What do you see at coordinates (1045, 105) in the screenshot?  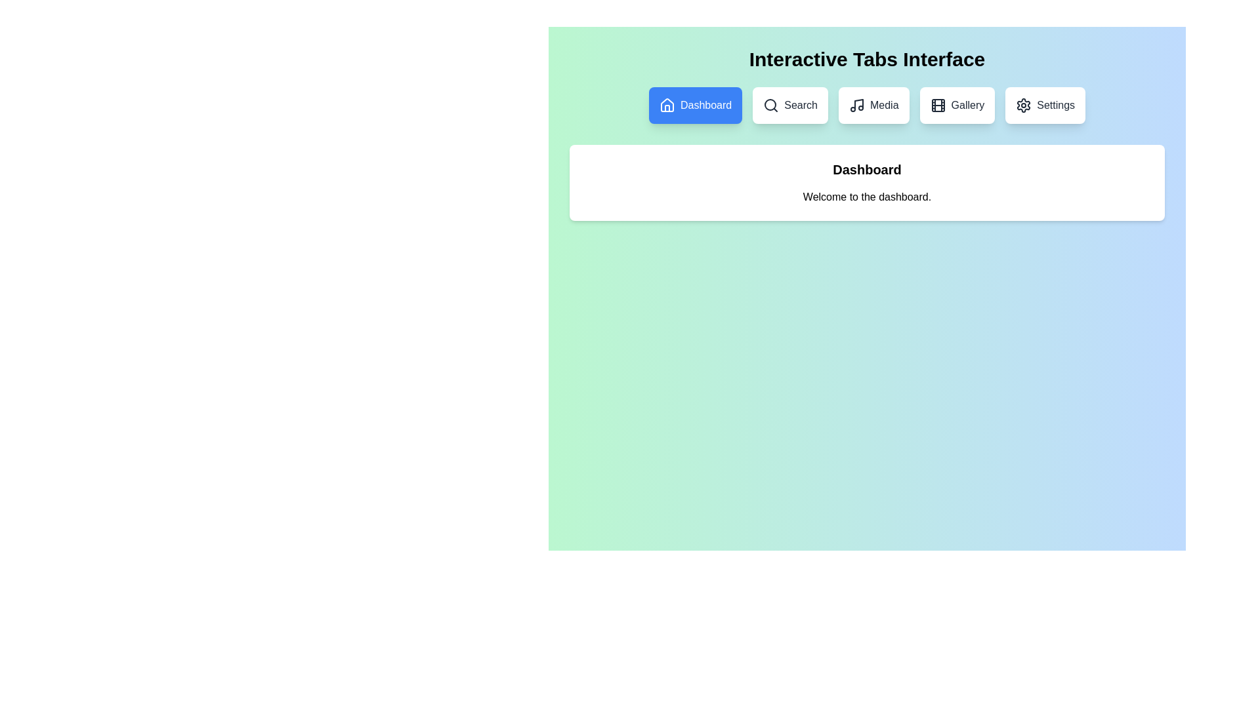 I see `the fifth button in the row, located to the right of the 'Gallery' button` at bounding box center [1045, 105].